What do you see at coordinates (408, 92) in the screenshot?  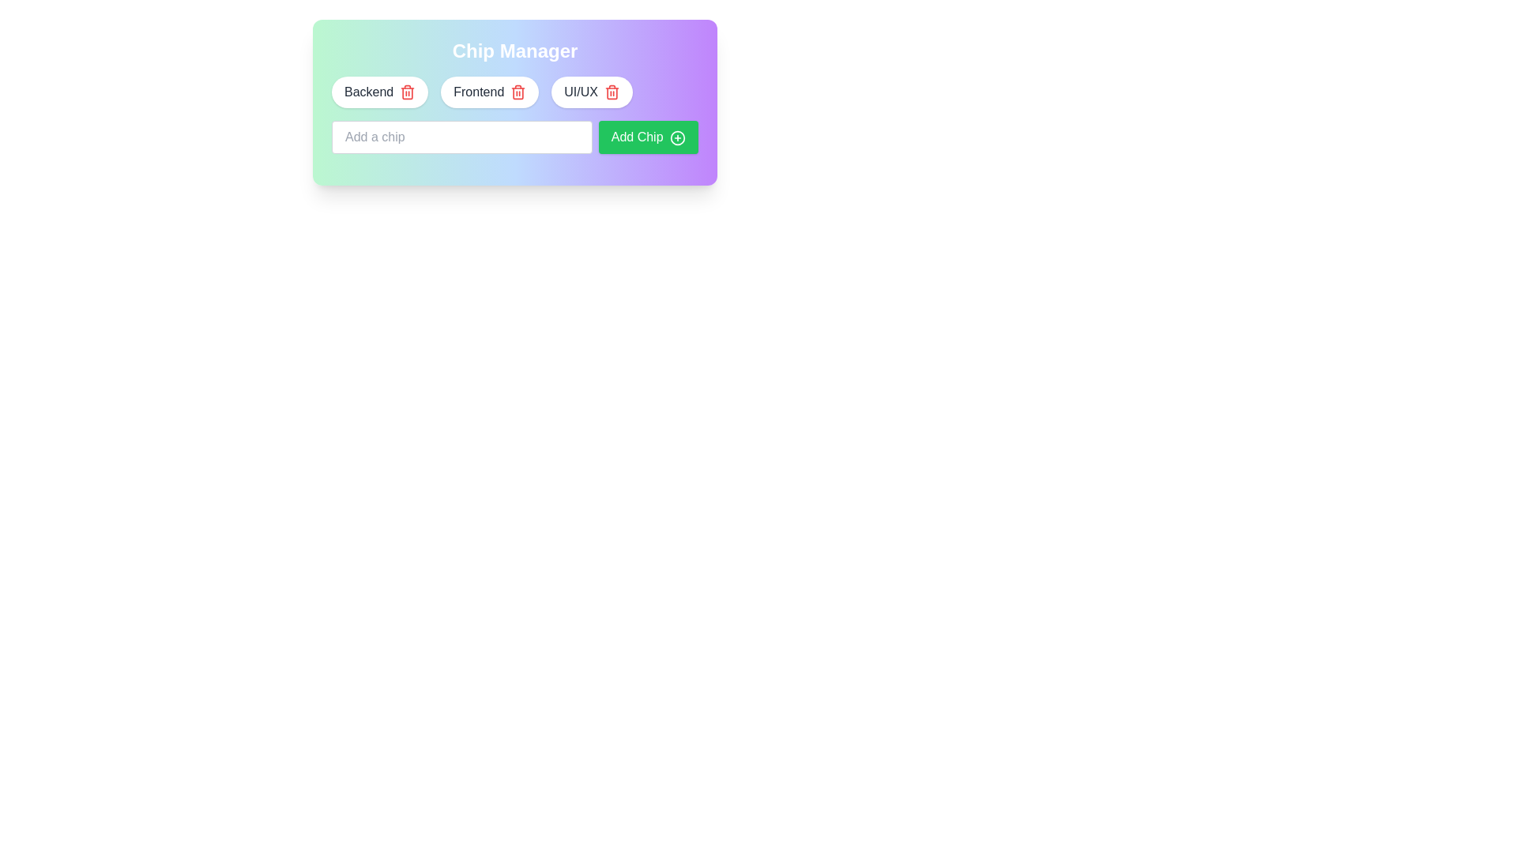 I see `the red trash icon within the 'Backend' chip` at bounding box center [408, 92].